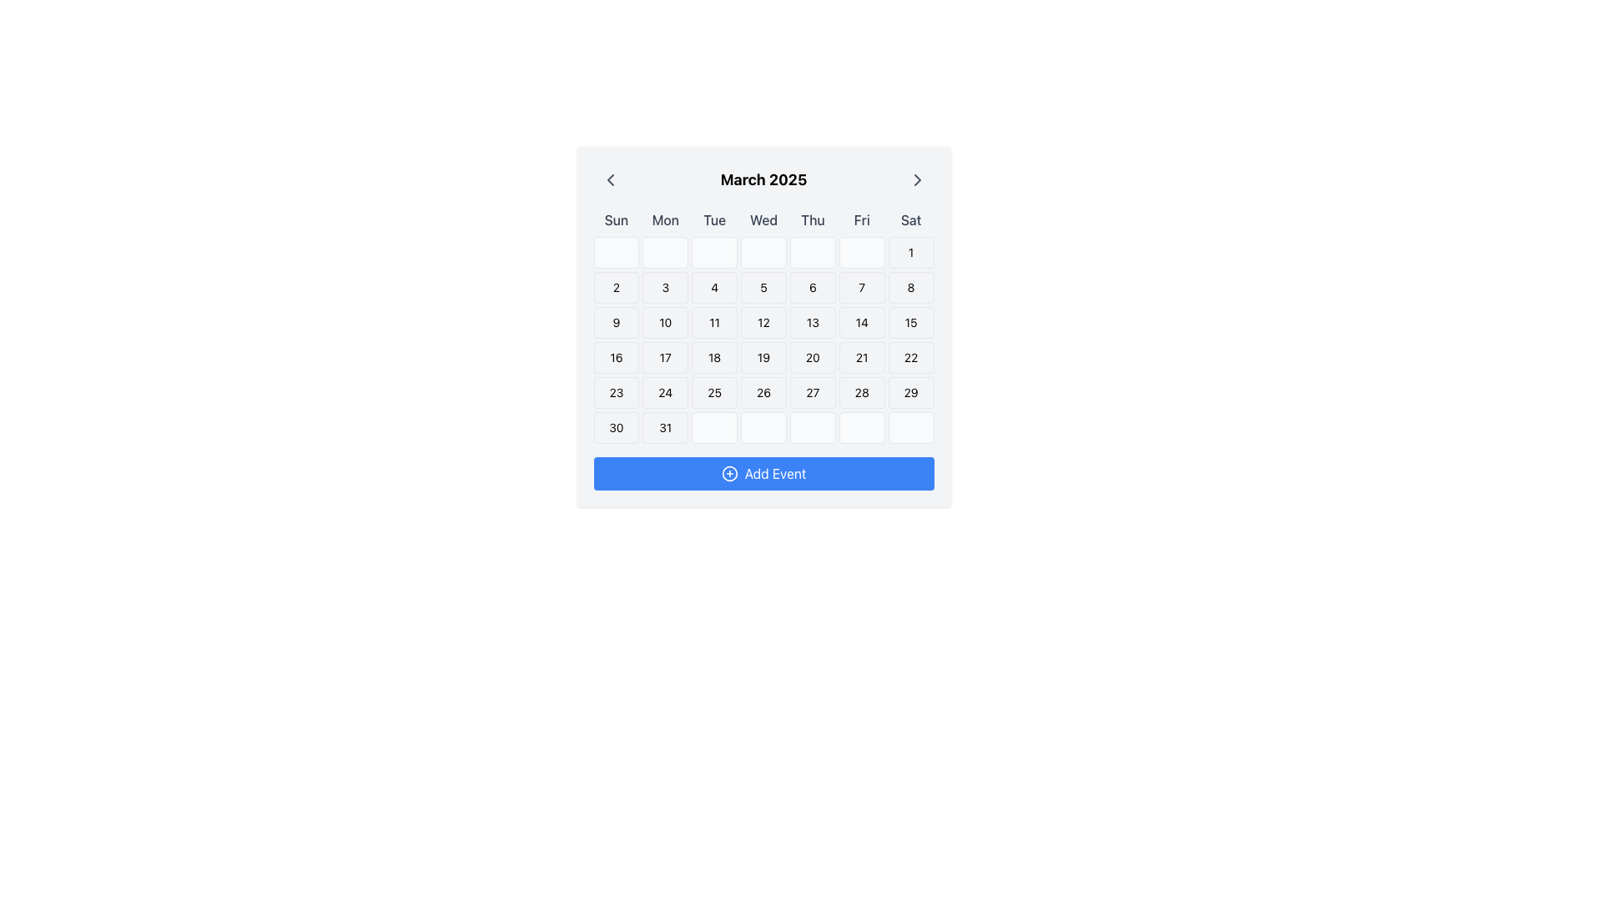 The height and width of the screenshot is (901, 1602). What do you see at coordinates (910, 427) in the screenshot?
I see `the last cell in the calendar grid, which serves as a visual placeholder and is positioned to the far right, representing Saturday of the last row` at bounding box center [910, 427].